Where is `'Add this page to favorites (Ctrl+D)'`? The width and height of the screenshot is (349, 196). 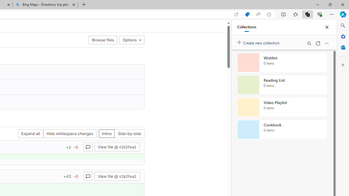 'Add this page to favorites (Ctrl+D)' is located at coordinates (269, 14).